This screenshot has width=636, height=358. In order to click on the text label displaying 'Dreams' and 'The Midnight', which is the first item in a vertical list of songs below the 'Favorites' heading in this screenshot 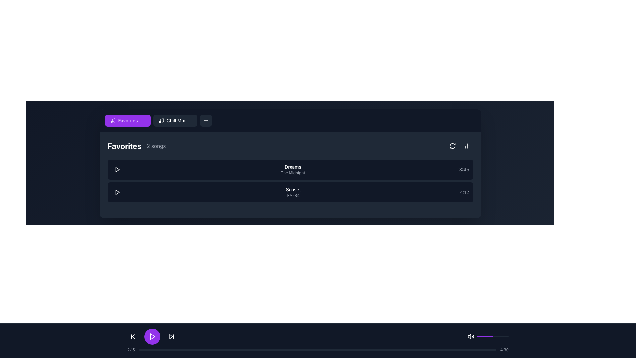, I will do `click(292, 169)`.